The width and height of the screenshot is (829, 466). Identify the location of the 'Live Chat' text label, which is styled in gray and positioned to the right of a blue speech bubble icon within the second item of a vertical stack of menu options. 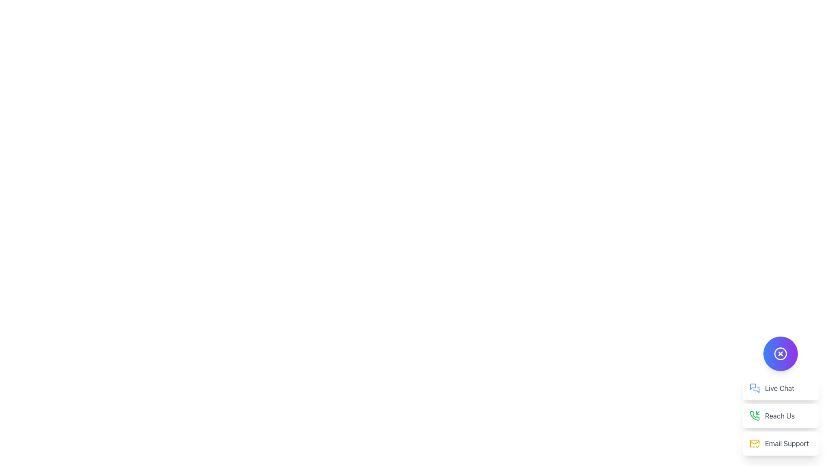
(779, 387).